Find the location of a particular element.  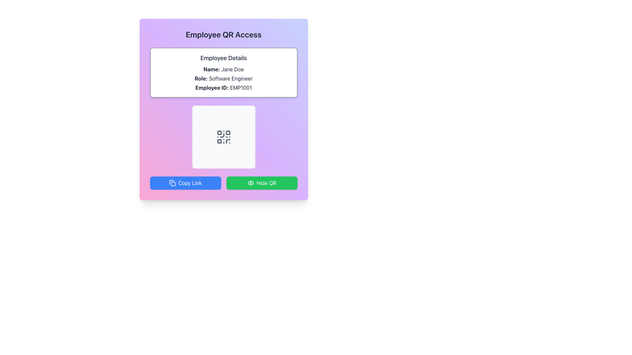

the QR code icon located centrally within the dashed gray-bordered square box below the 'Employee Details' card is located at coordinates (224, 136).